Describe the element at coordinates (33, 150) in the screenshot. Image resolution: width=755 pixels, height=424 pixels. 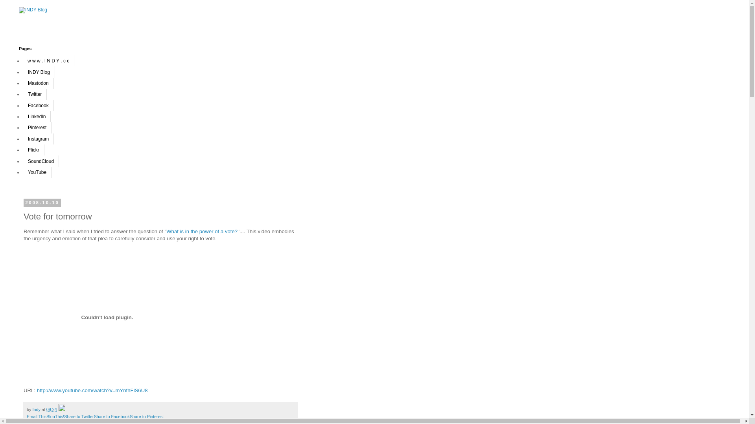
I see `'Flickr'` at that location.